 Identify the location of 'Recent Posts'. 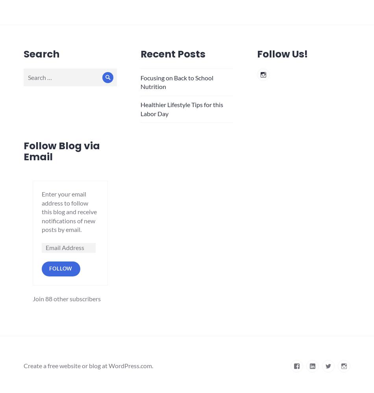
(139, 54).